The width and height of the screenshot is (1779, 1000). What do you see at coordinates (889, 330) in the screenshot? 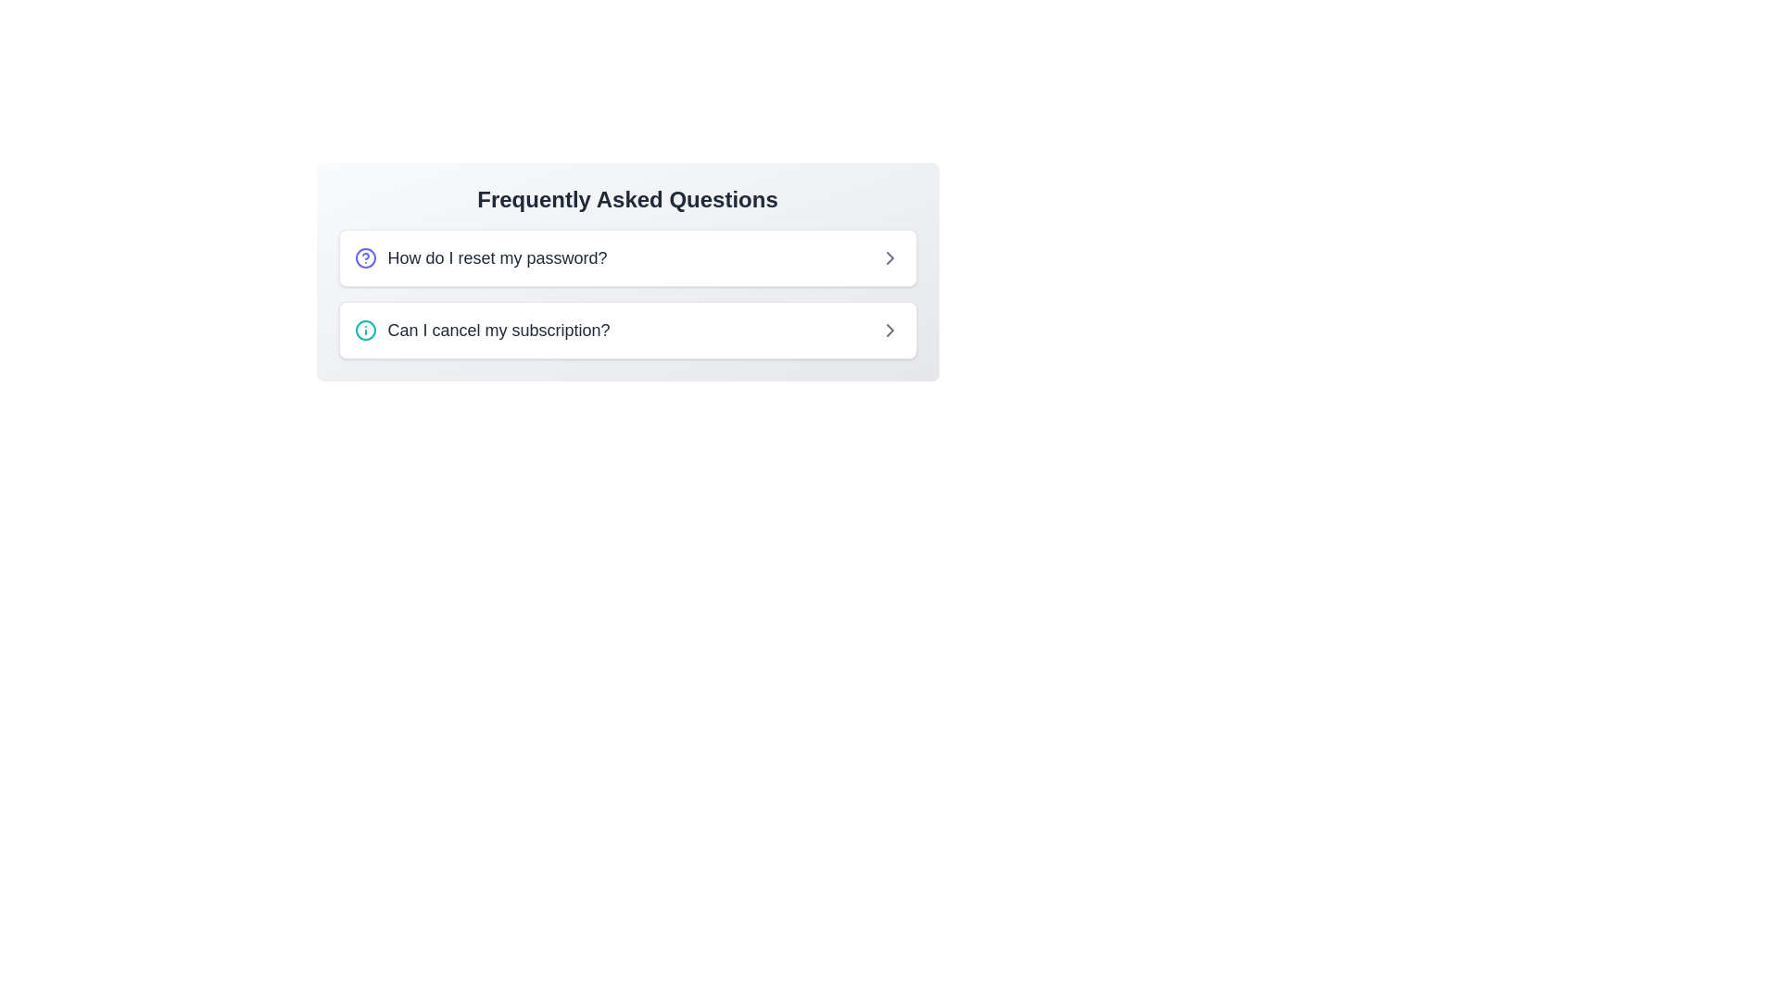
I see `the right-pointing gray chevron icon located at the end of the 'Can I cancel my subscription?' row in the Frequently Asked Questions panel` at bounding box center [889, 330].